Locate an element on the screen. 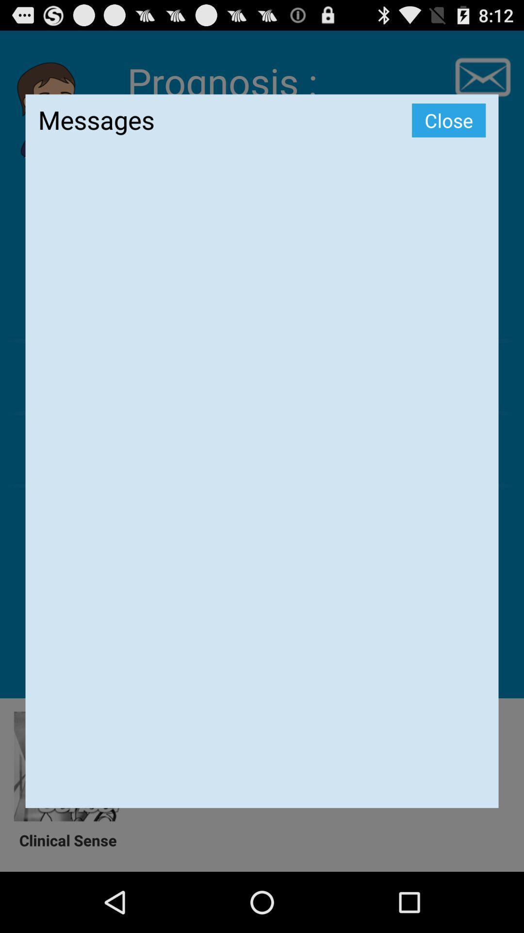  no tagging available is located at coordinates (262, 485).